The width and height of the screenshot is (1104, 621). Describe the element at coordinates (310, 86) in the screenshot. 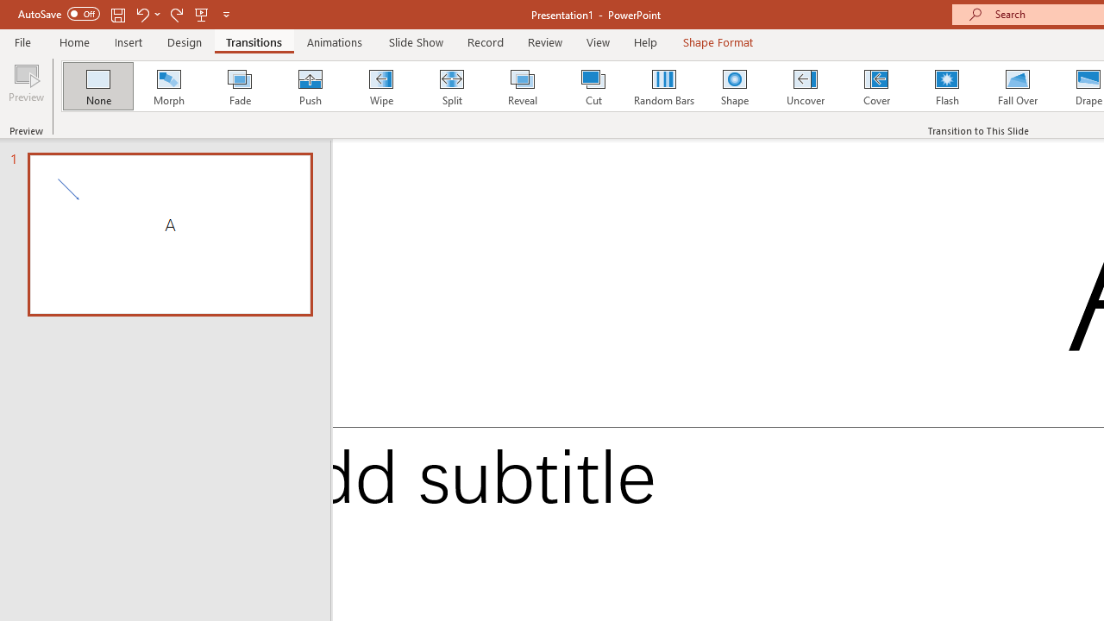

I see `'Push'` at that location.